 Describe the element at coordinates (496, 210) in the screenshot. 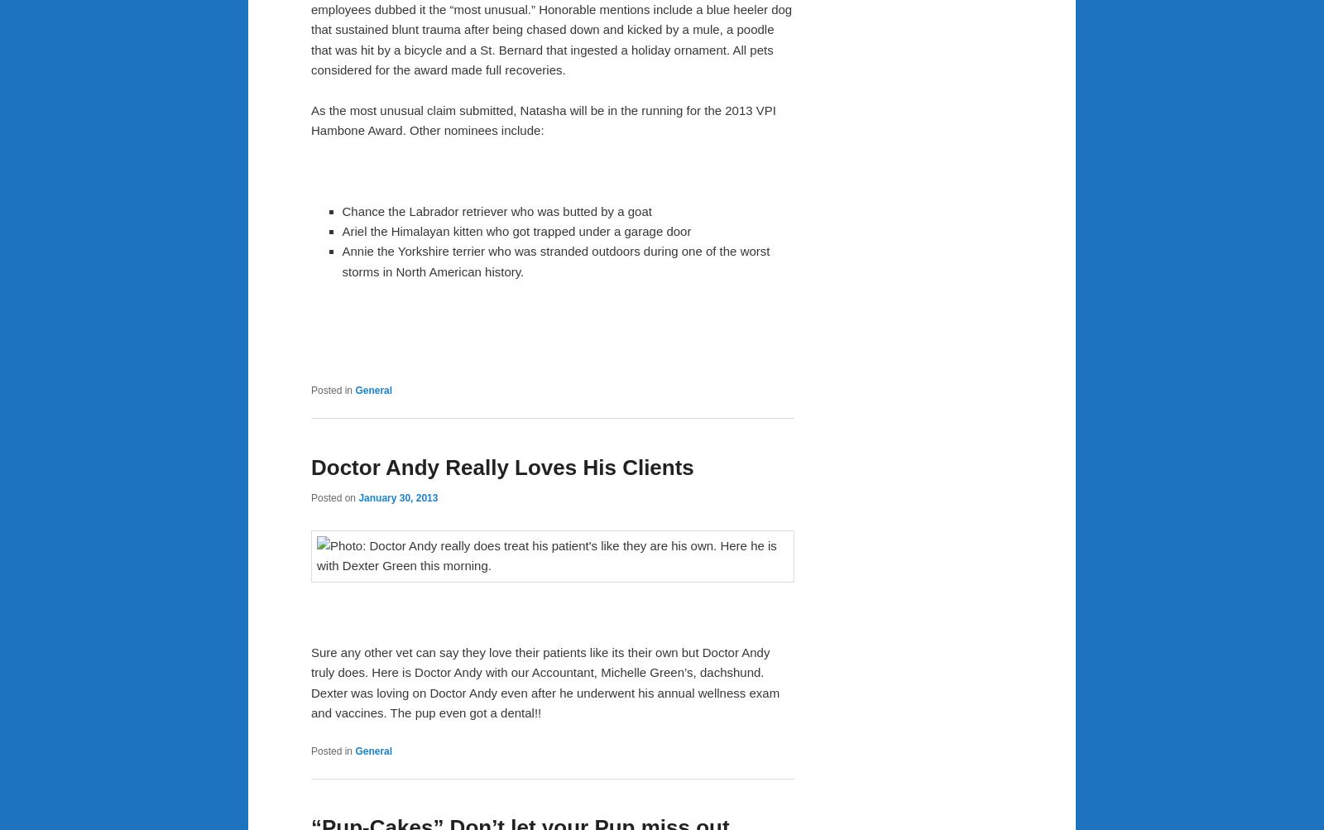

I see `'Chance the Labrador retriever who was butted by a goat'` at that location.